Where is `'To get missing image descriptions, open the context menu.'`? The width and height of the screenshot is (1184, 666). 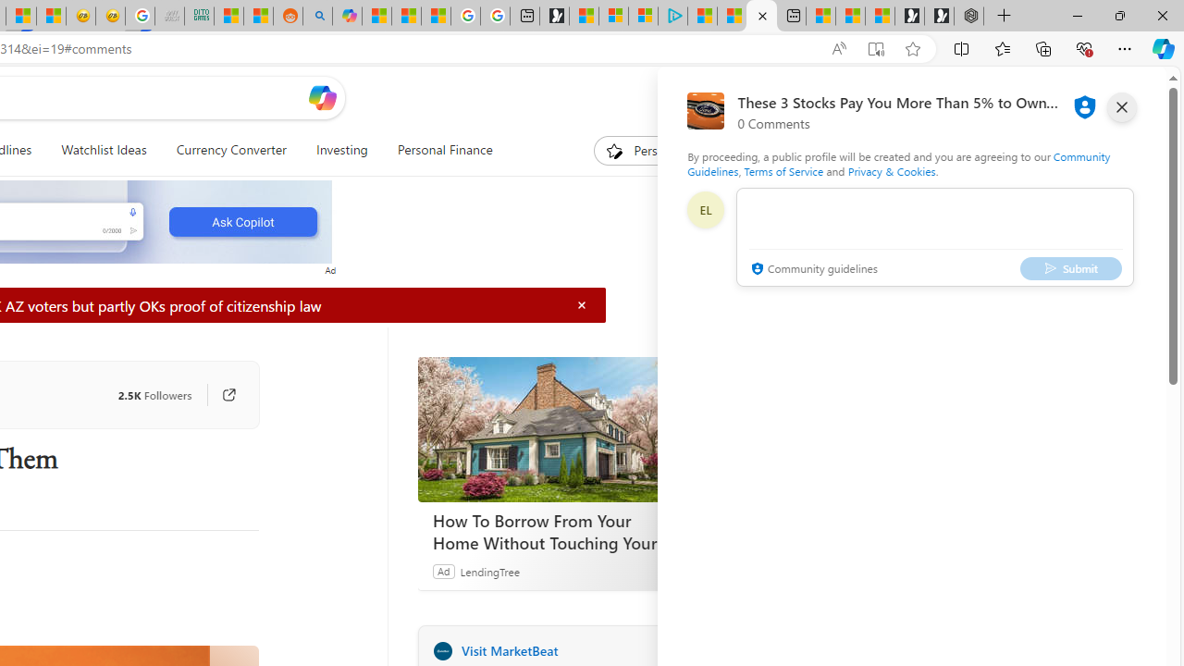 'To get missing image descriptions, open the context menu.' is located at coordinates (614, 149).